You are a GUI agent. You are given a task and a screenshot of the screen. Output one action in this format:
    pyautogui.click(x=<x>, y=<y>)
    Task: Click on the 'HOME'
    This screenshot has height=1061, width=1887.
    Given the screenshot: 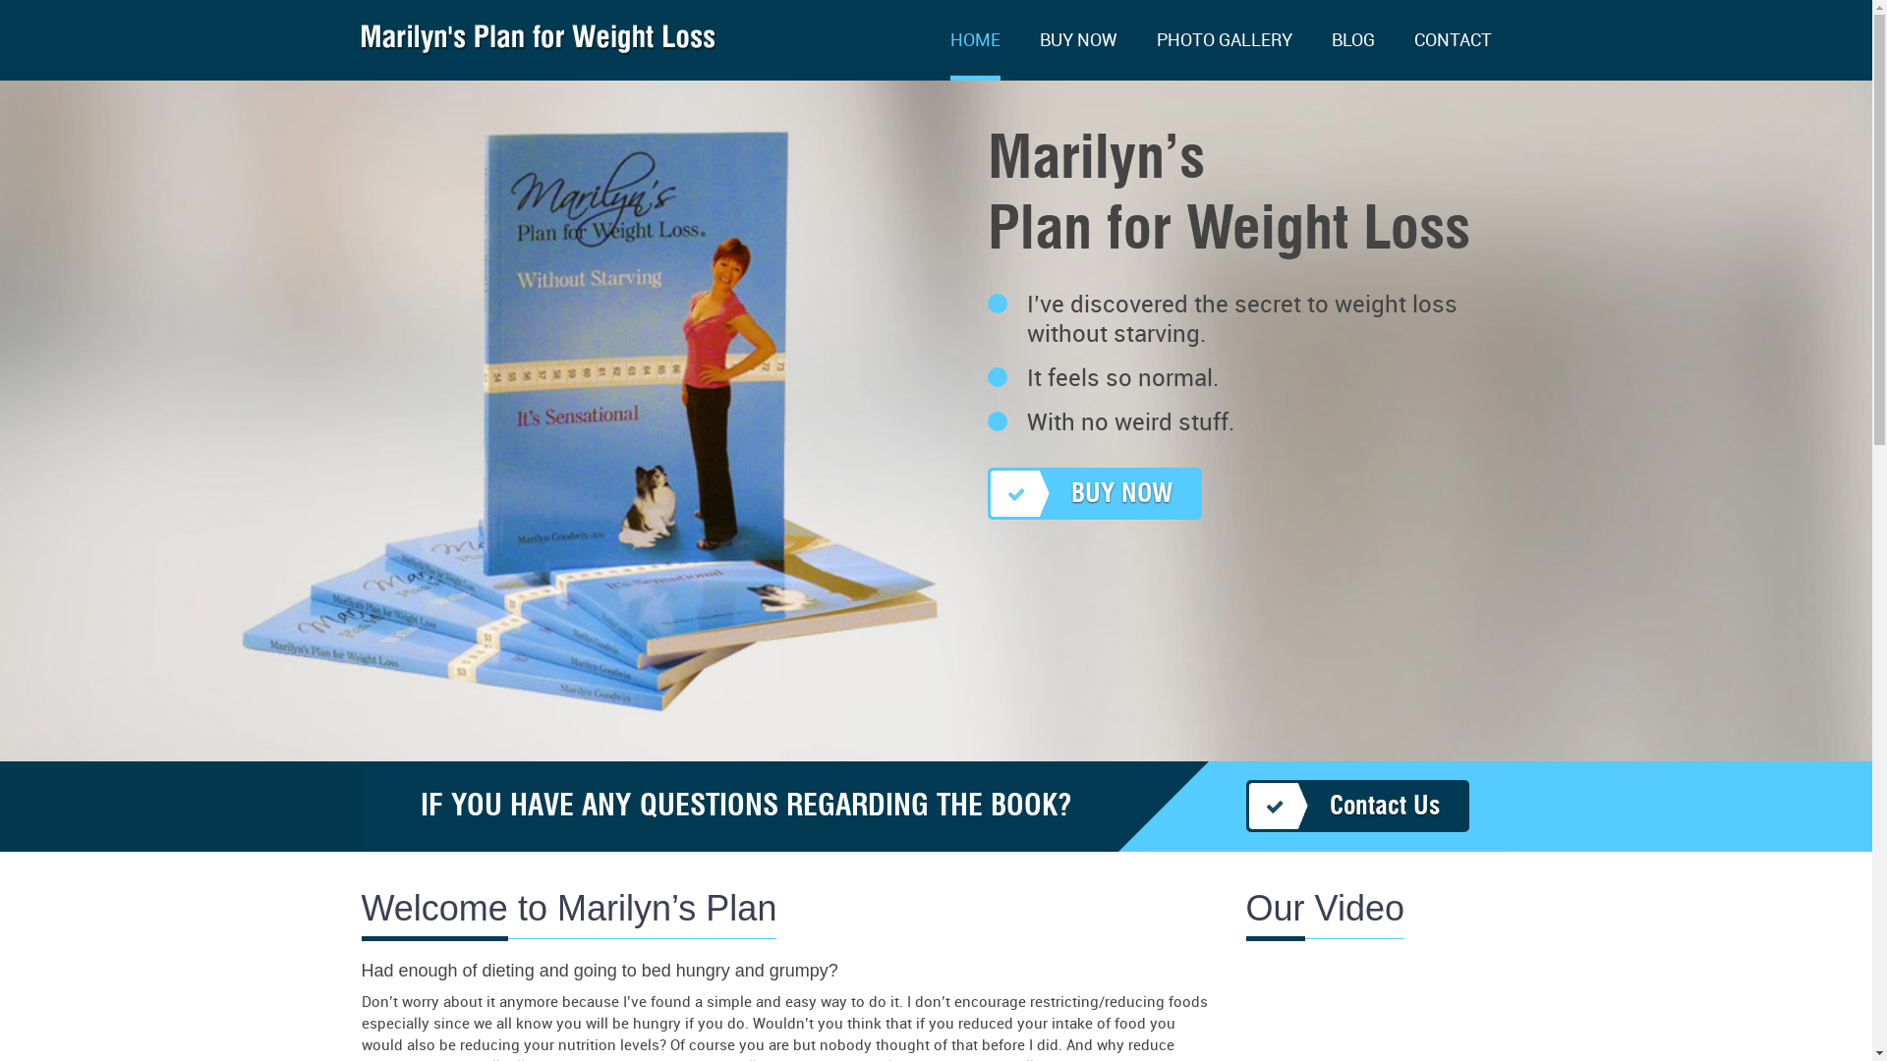 What is the action you would take?
    pyautogui.click(x=948, y=55)
    